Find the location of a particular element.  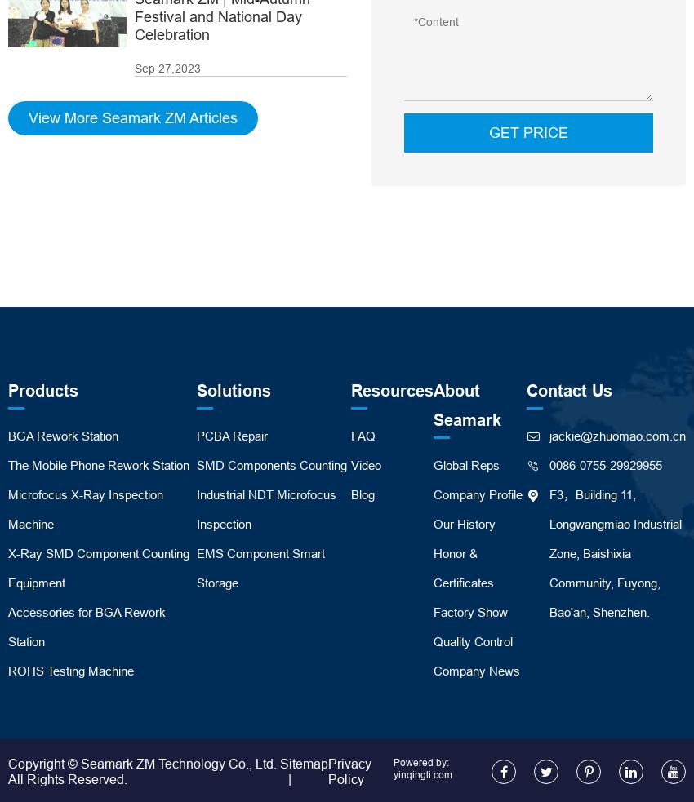

'Solutions' is located at coordinates (196, 389).